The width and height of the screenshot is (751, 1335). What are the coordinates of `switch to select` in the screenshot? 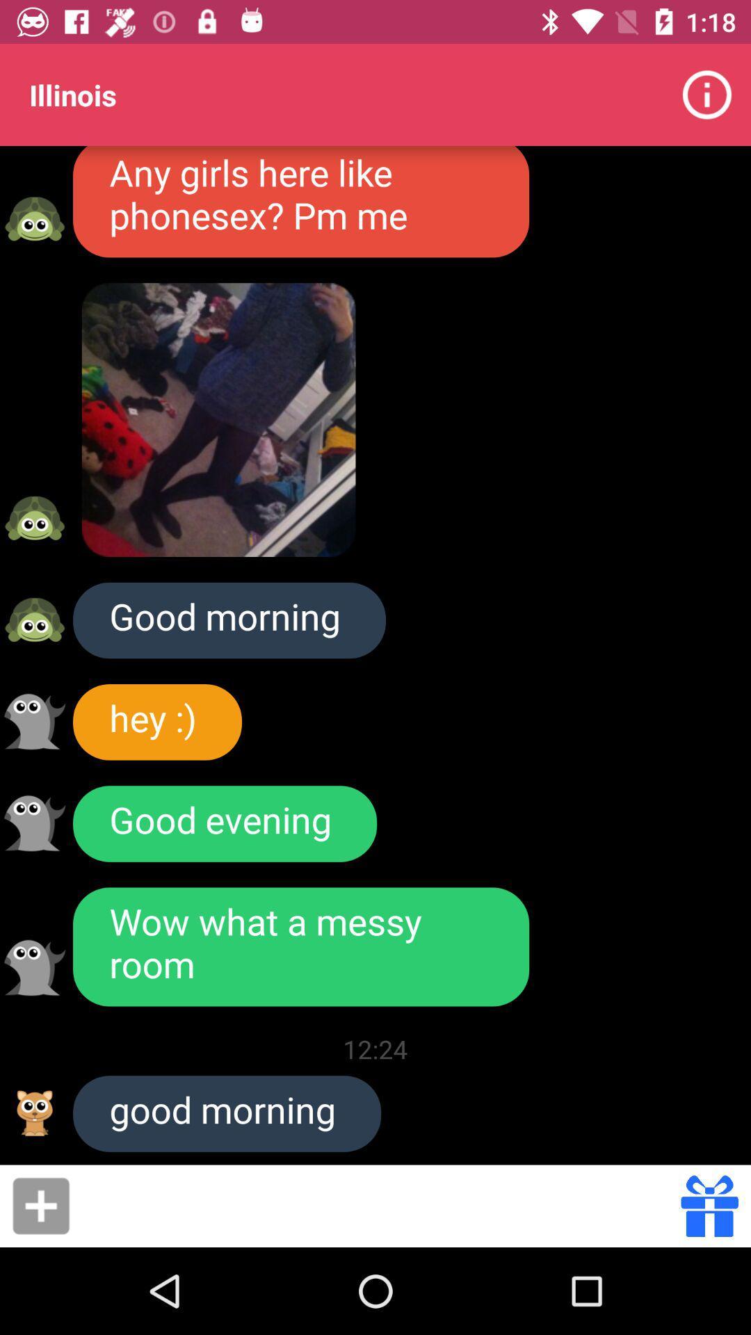 It's located at (34, 967).